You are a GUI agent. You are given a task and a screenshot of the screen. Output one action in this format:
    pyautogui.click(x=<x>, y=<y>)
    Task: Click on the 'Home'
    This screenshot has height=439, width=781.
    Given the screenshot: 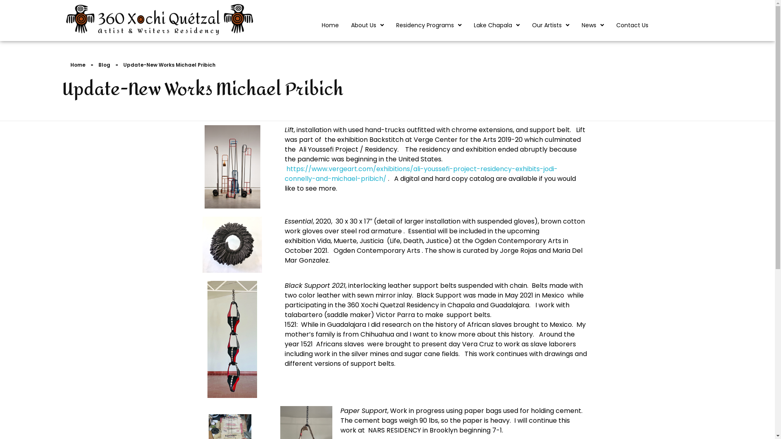 What is the action you would take?
    pyautogui.click(x=77, y=64)
    